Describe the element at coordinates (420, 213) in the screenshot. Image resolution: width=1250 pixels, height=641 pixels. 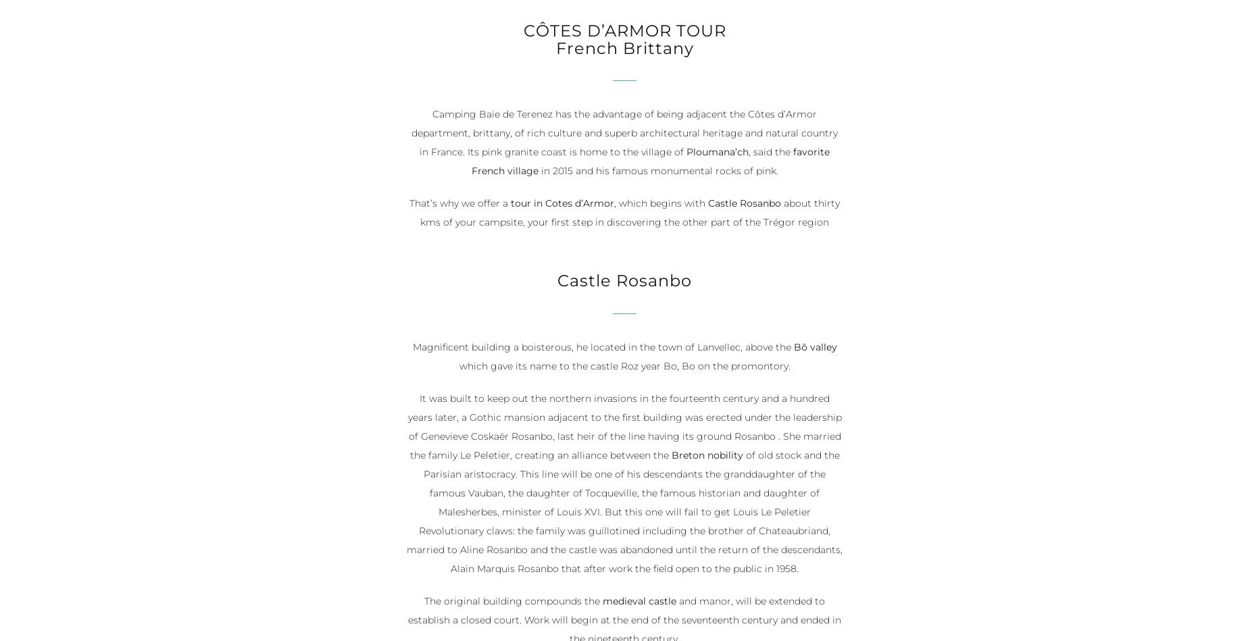
I see `'about thirty kms of your campsite, your first step in discovering the other part of the Trégor region'` at that location.